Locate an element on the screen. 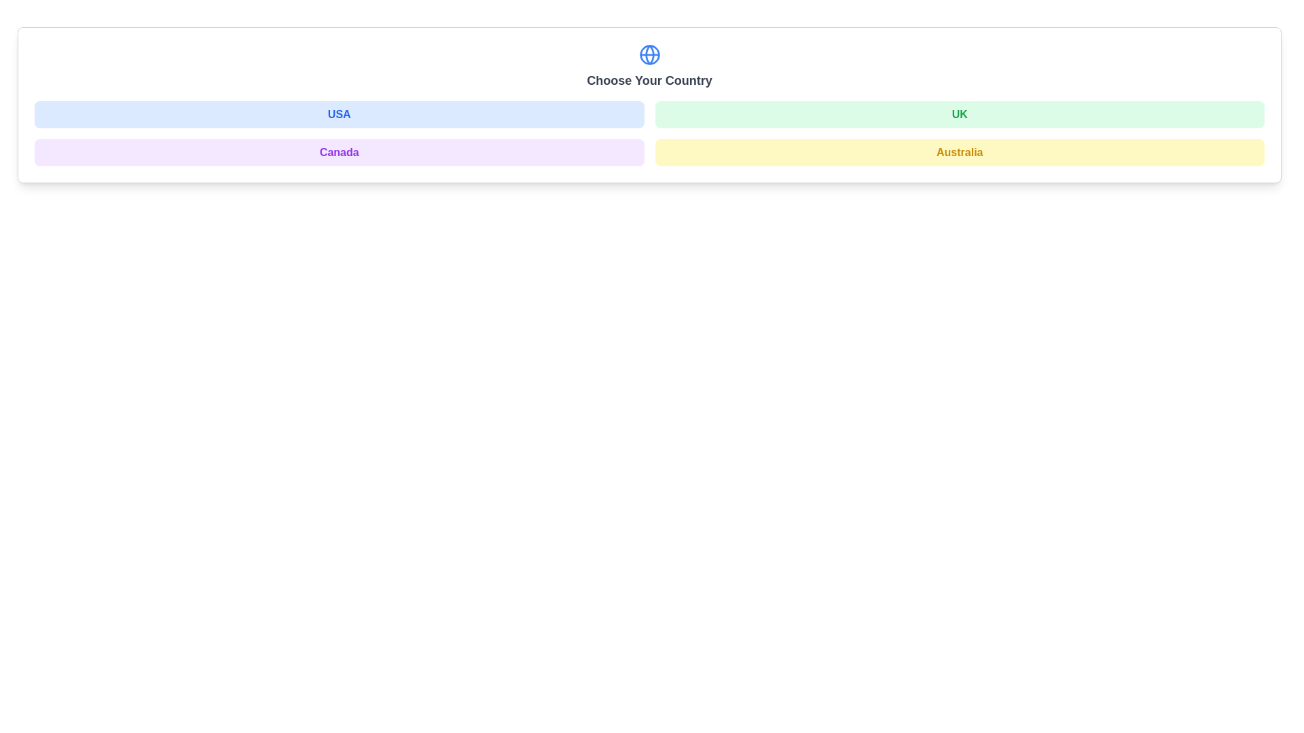 This screenshot has height=733, width=1304. the blue stroked circular SVG element that represents a globe, located above the text 'Choose Your Country.' is located at coordinates (649, 54).